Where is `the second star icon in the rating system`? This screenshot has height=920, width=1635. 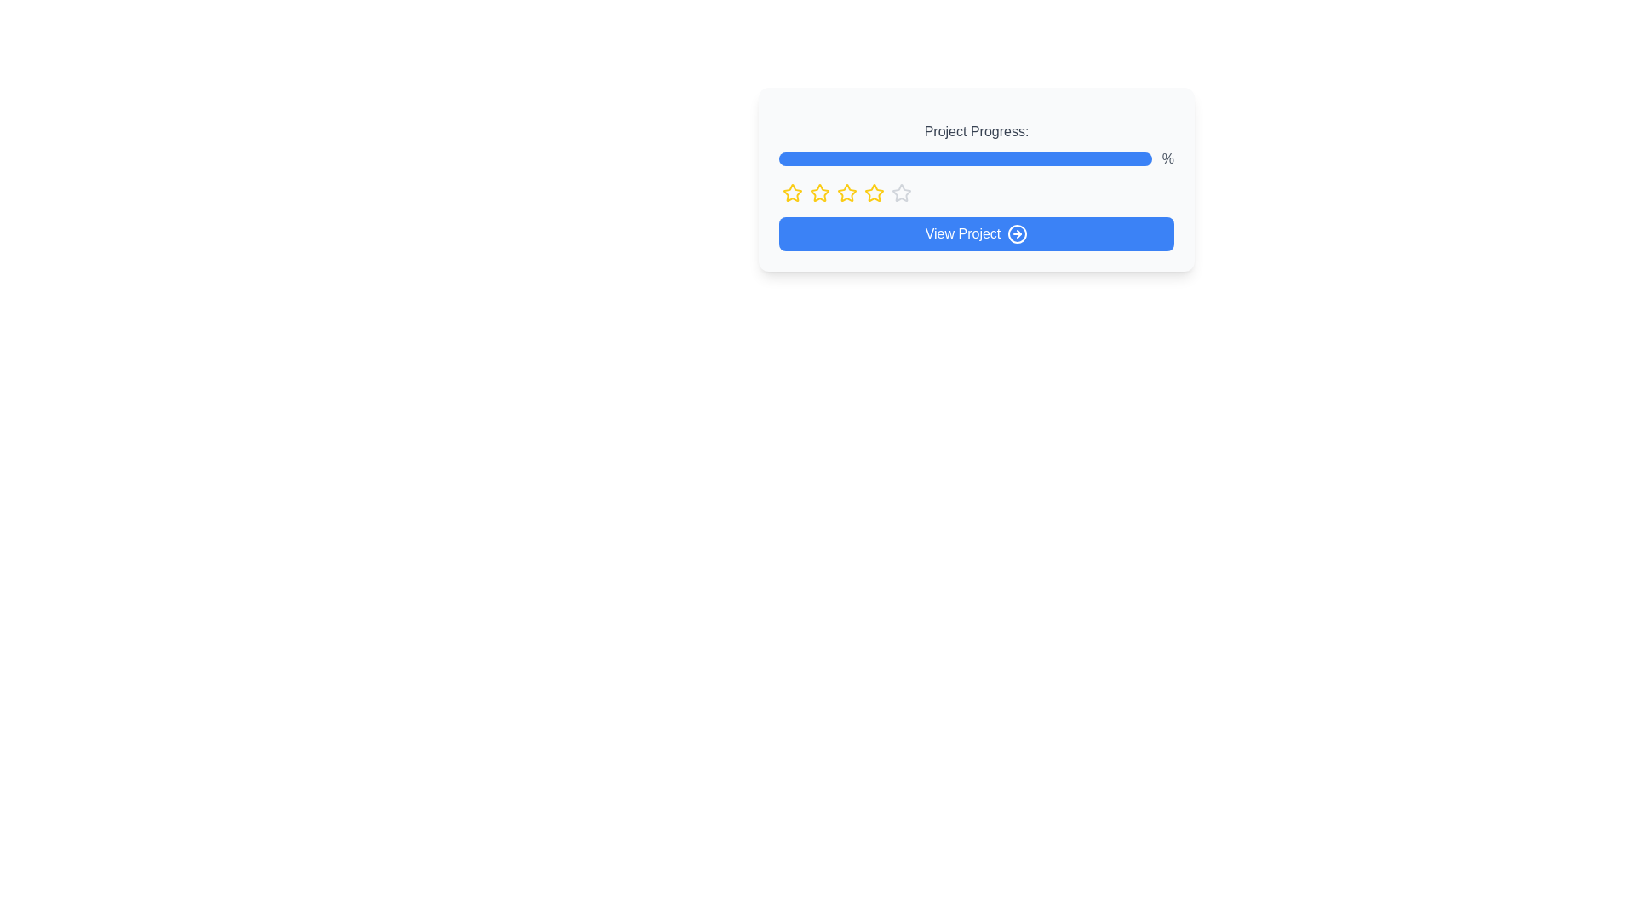 the second star icon in the rating system is located at coordinates (820, 192).